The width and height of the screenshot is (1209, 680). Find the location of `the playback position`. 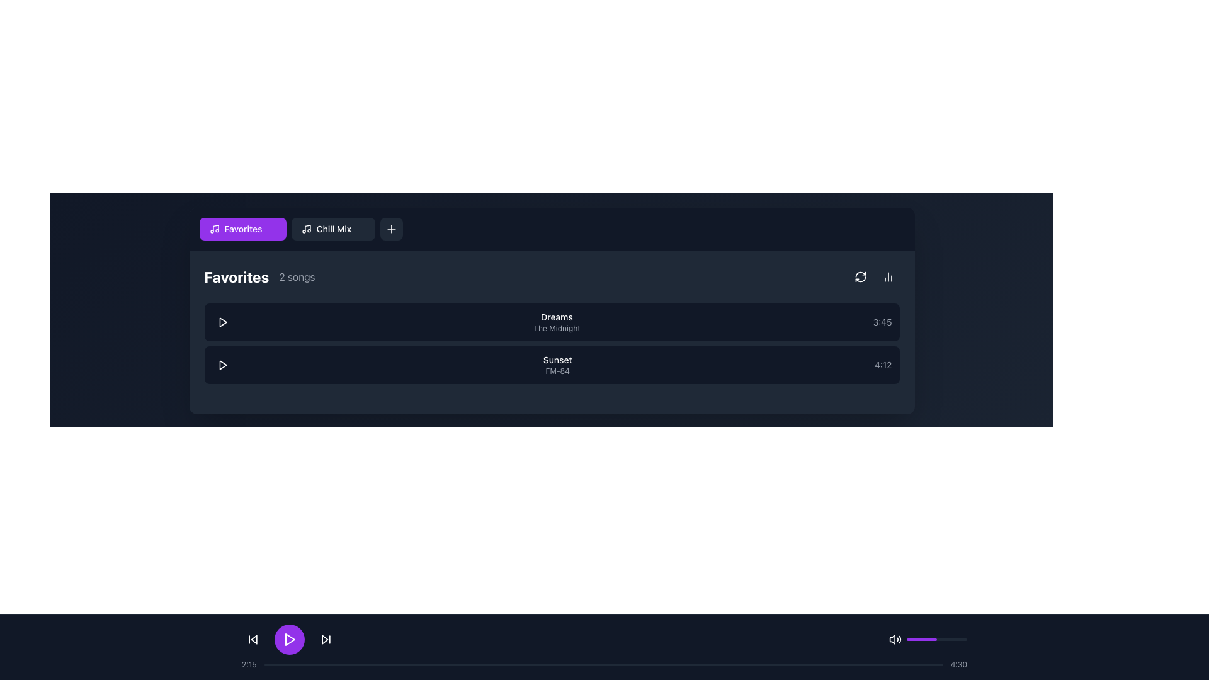

the playback position is located at coordinates (590, 664).